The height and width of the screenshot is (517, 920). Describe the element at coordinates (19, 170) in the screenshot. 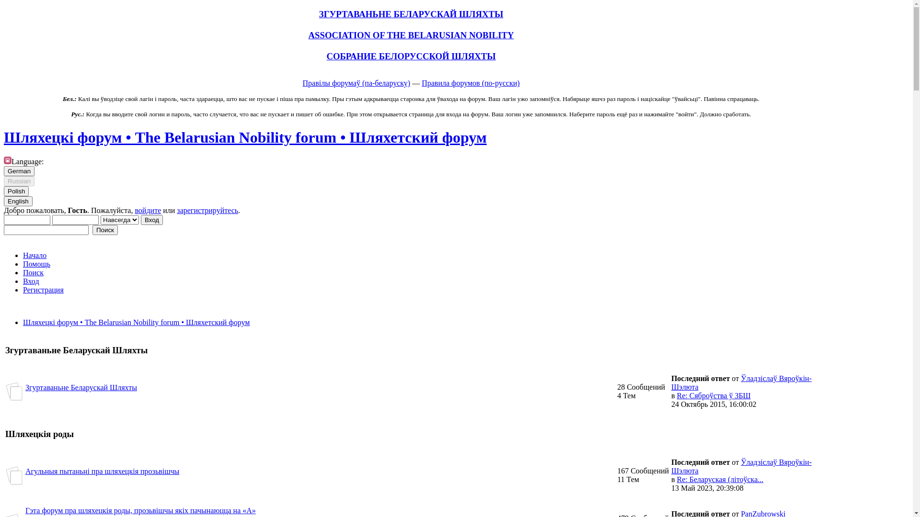

I see `'German'` at that location.